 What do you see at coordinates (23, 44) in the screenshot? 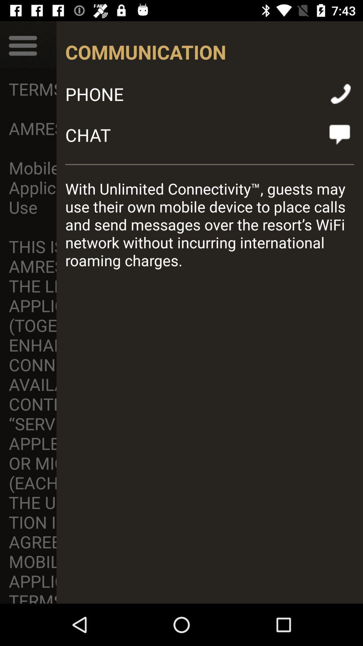
I see `the menu icon` at bounding box center [23, 44].